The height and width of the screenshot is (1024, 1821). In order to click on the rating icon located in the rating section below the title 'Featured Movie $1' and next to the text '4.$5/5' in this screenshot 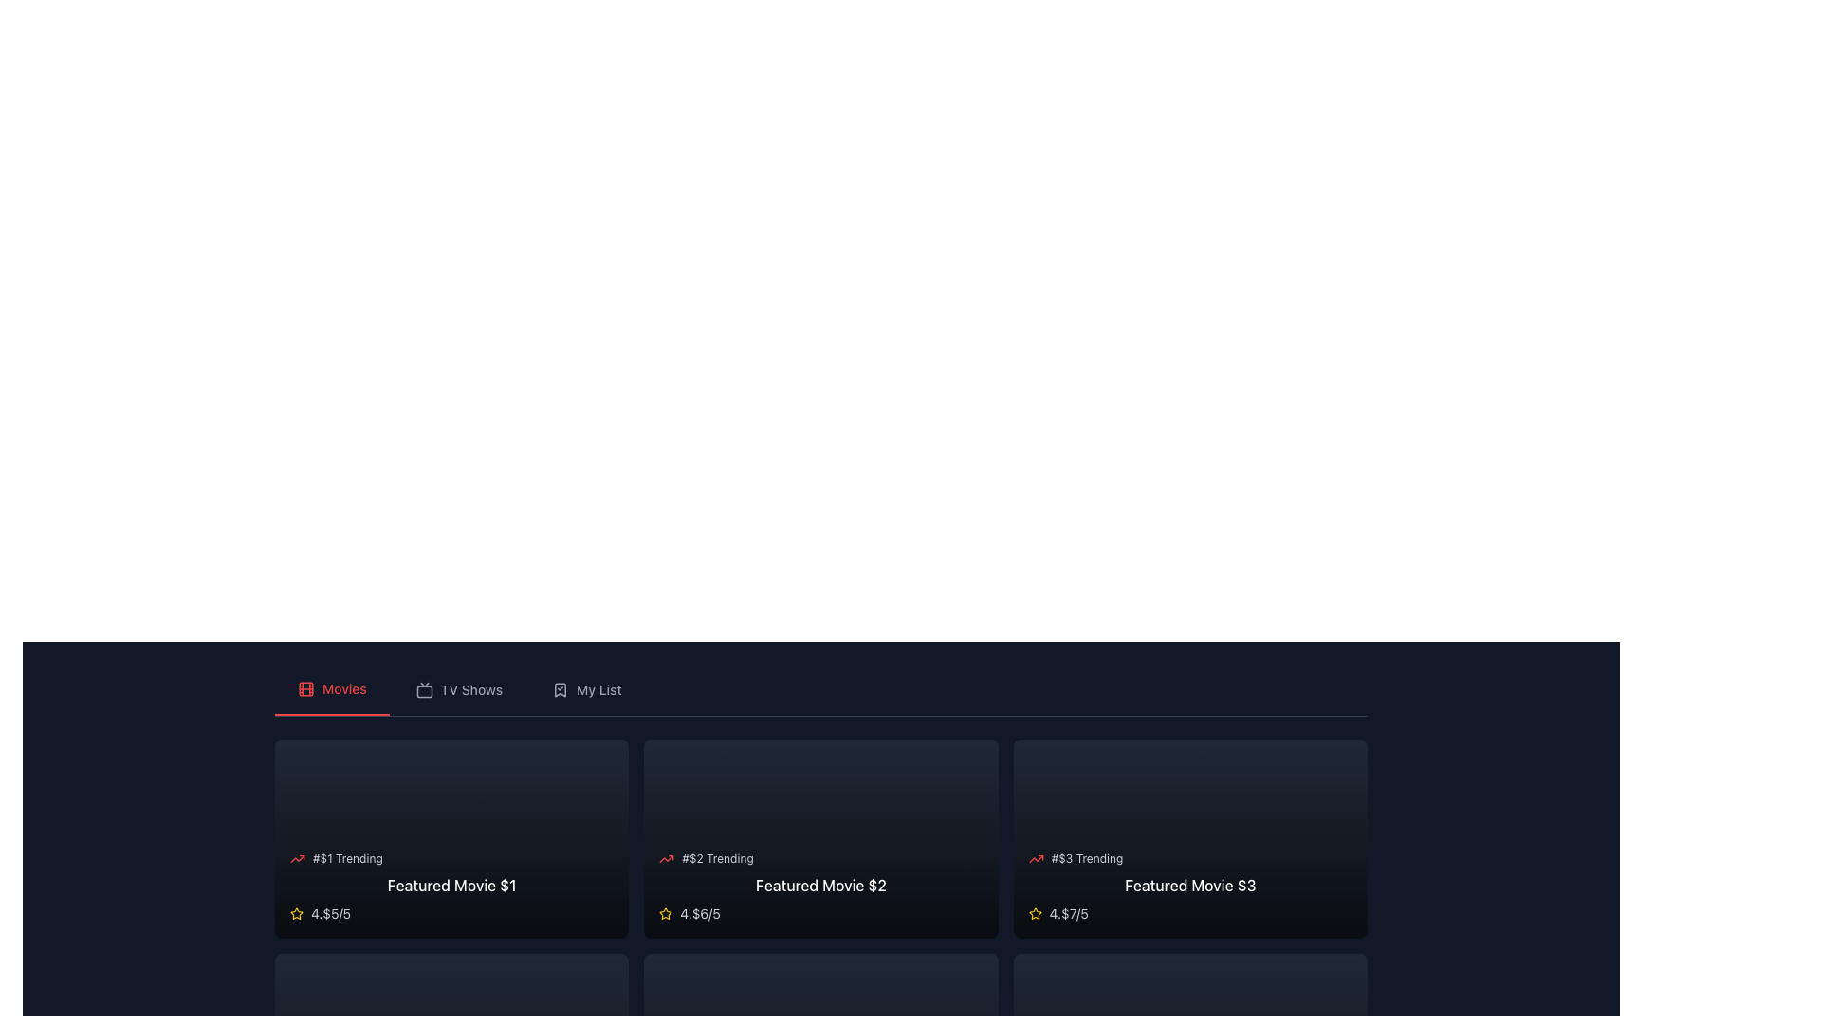, I will do `click(295, 912)`.